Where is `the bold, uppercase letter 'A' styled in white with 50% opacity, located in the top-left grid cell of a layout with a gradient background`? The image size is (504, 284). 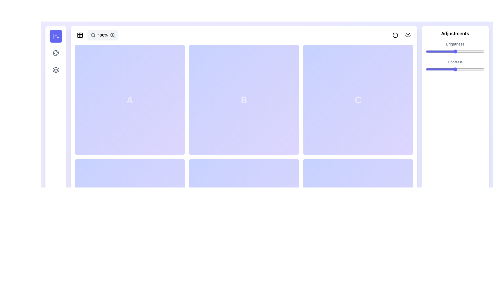
the bold, uppercase letter 'A' styled in white with 50% opacity, located in the top-left grid cell of a layout with a gradient background is located at coordinates (130, 100).